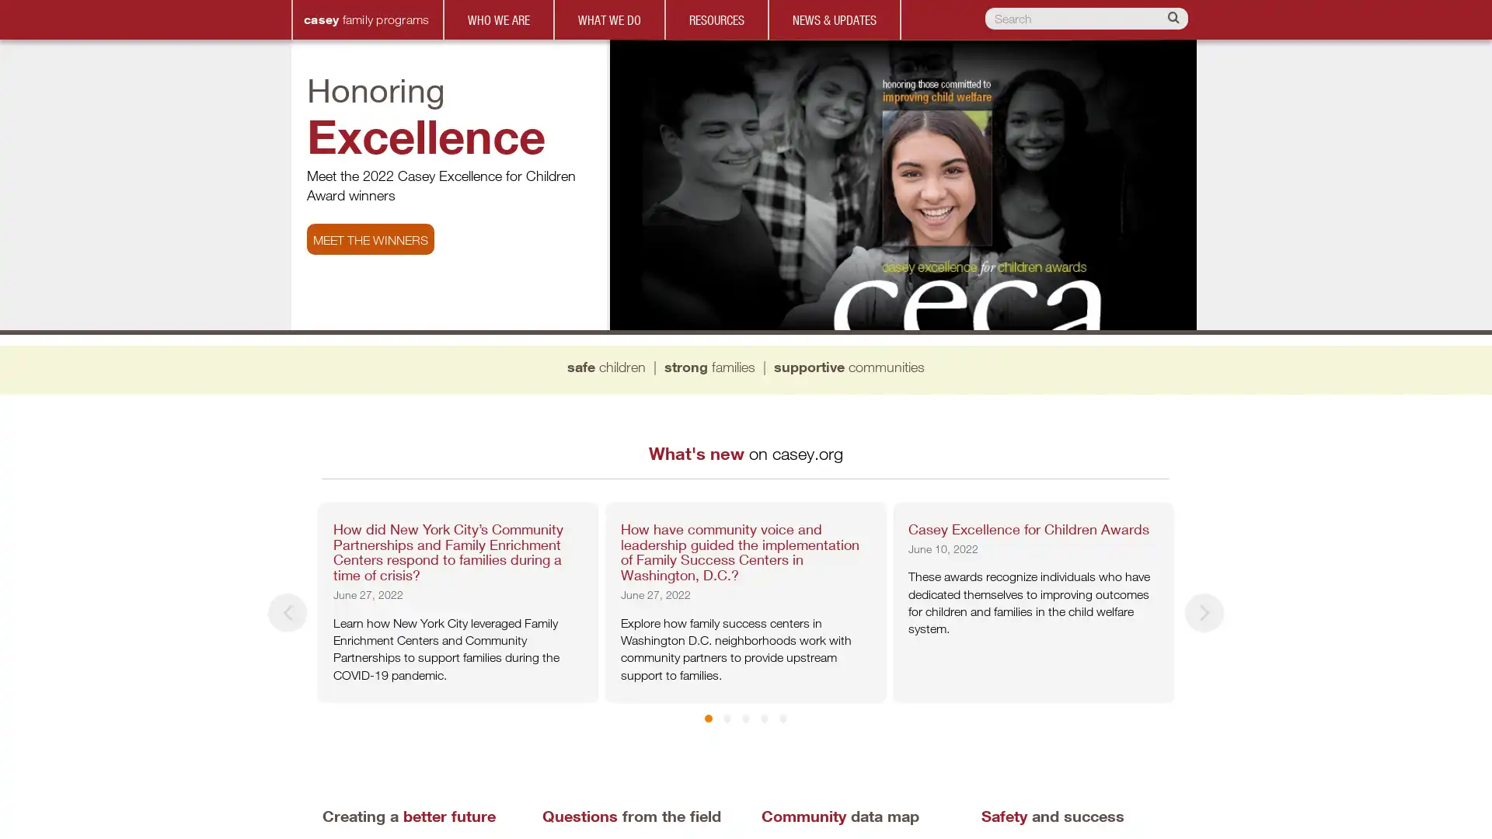 The height and width of the screenshot is (839, 1492). I want to click on Slide group 1, so click(716, 719).